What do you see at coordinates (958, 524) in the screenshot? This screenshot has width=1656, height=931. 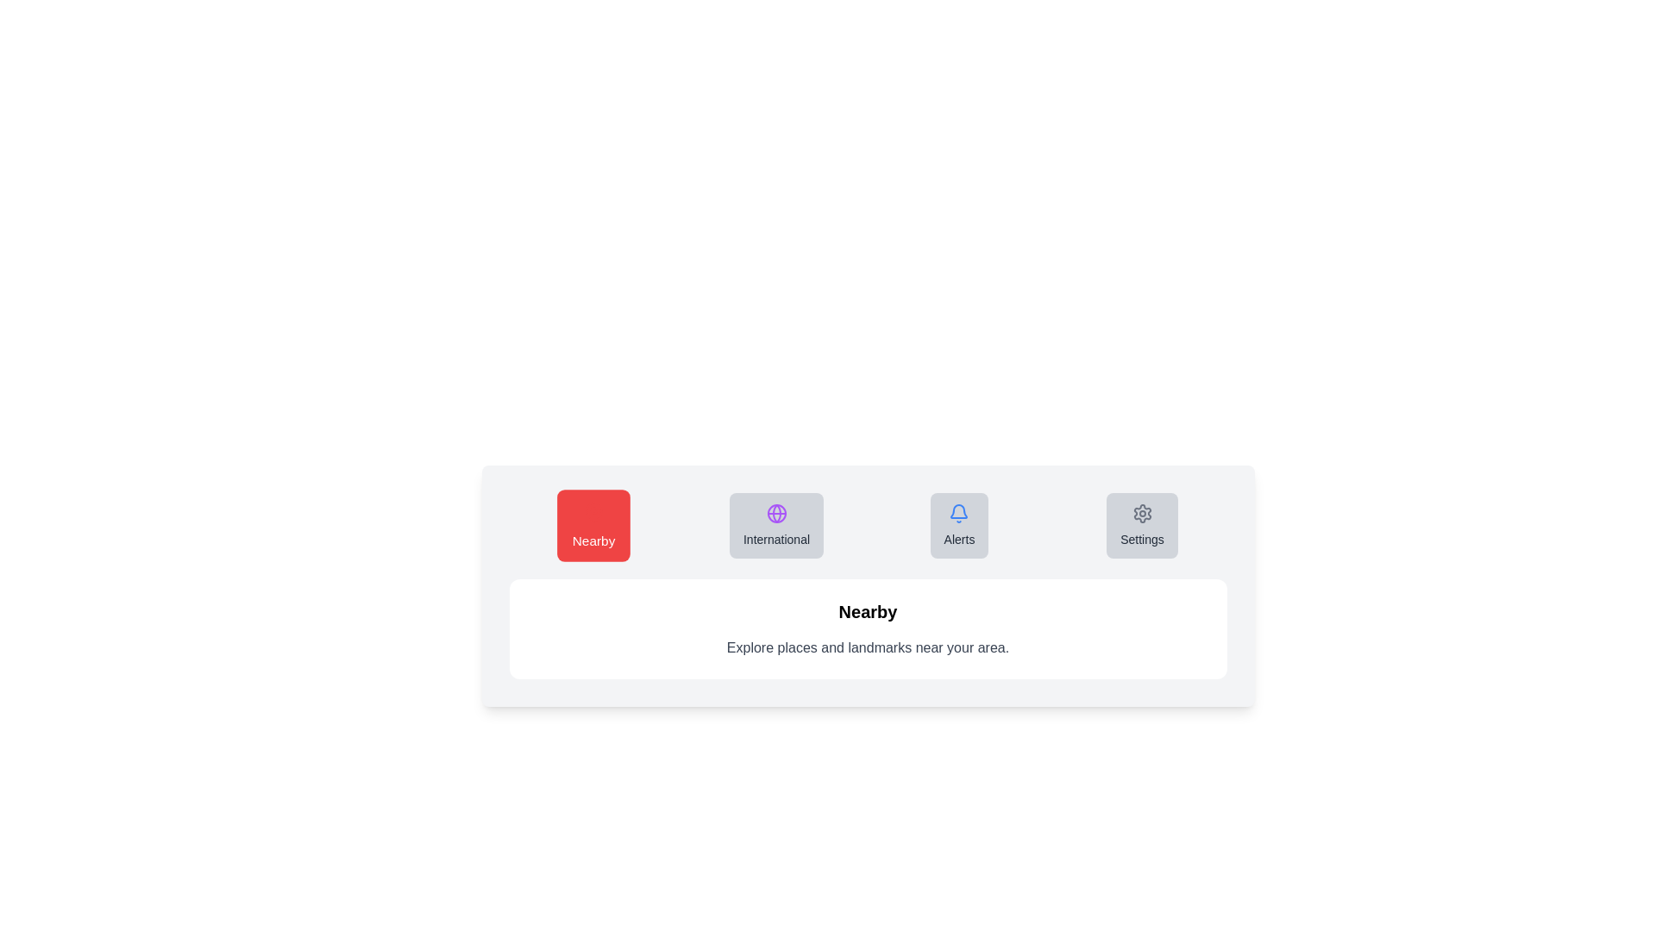 I see `the Alerts tab` at bounding box center [958, 524].